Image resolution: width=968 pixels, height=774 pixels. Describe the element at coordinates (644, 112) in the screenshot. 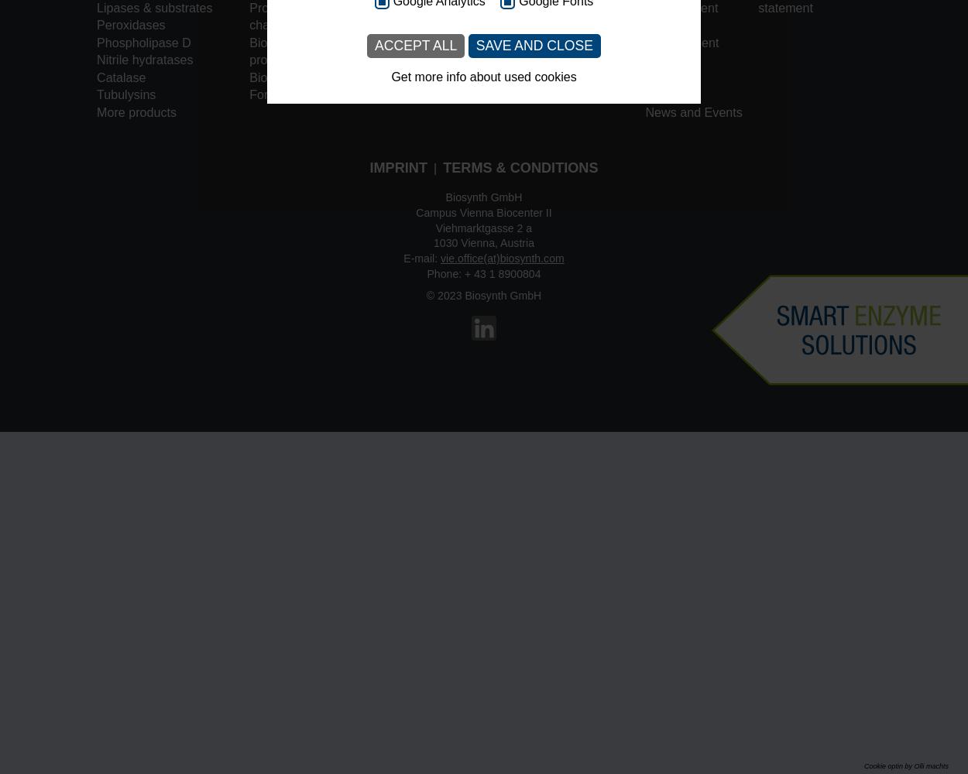

I see `'News and Events'` at that location.